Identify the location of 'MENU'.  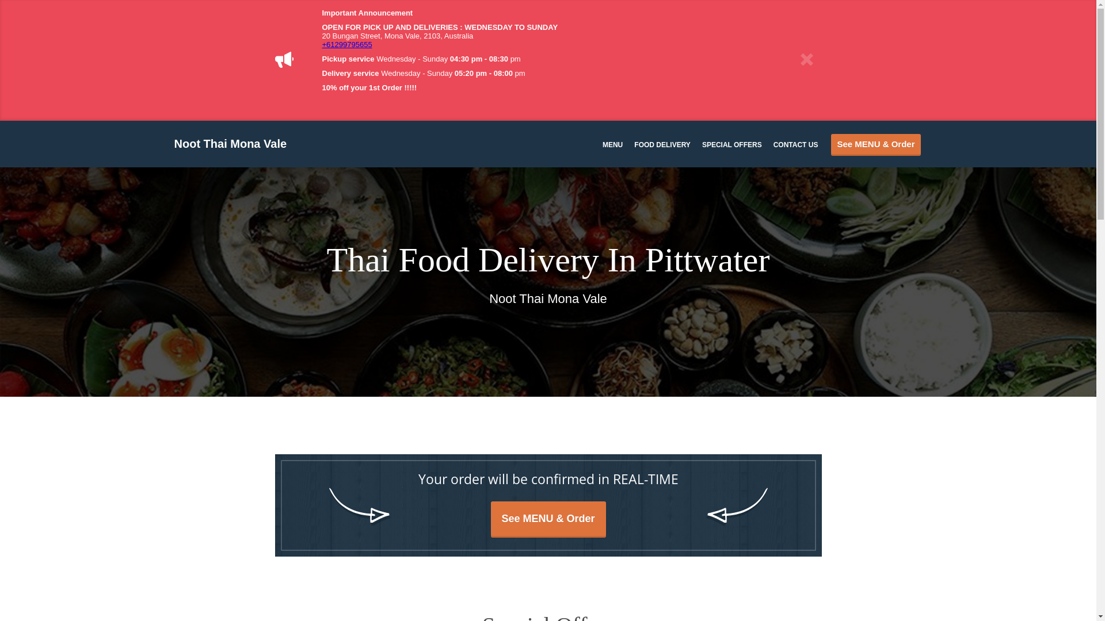
(601, 143).